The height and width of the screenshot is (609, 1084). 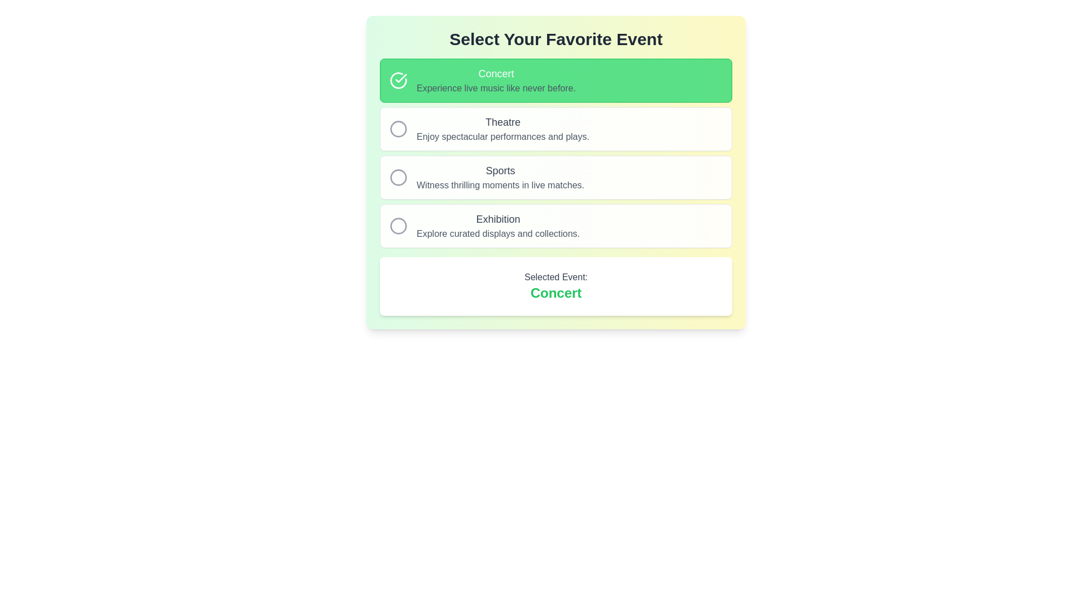 What do you see at coordinates (500, 184) in the screenshot?
I see `the descriptive Text Label for the 'Sports' selection option, which provides additional information about this choice in the list` at bounding box center [500, 184].